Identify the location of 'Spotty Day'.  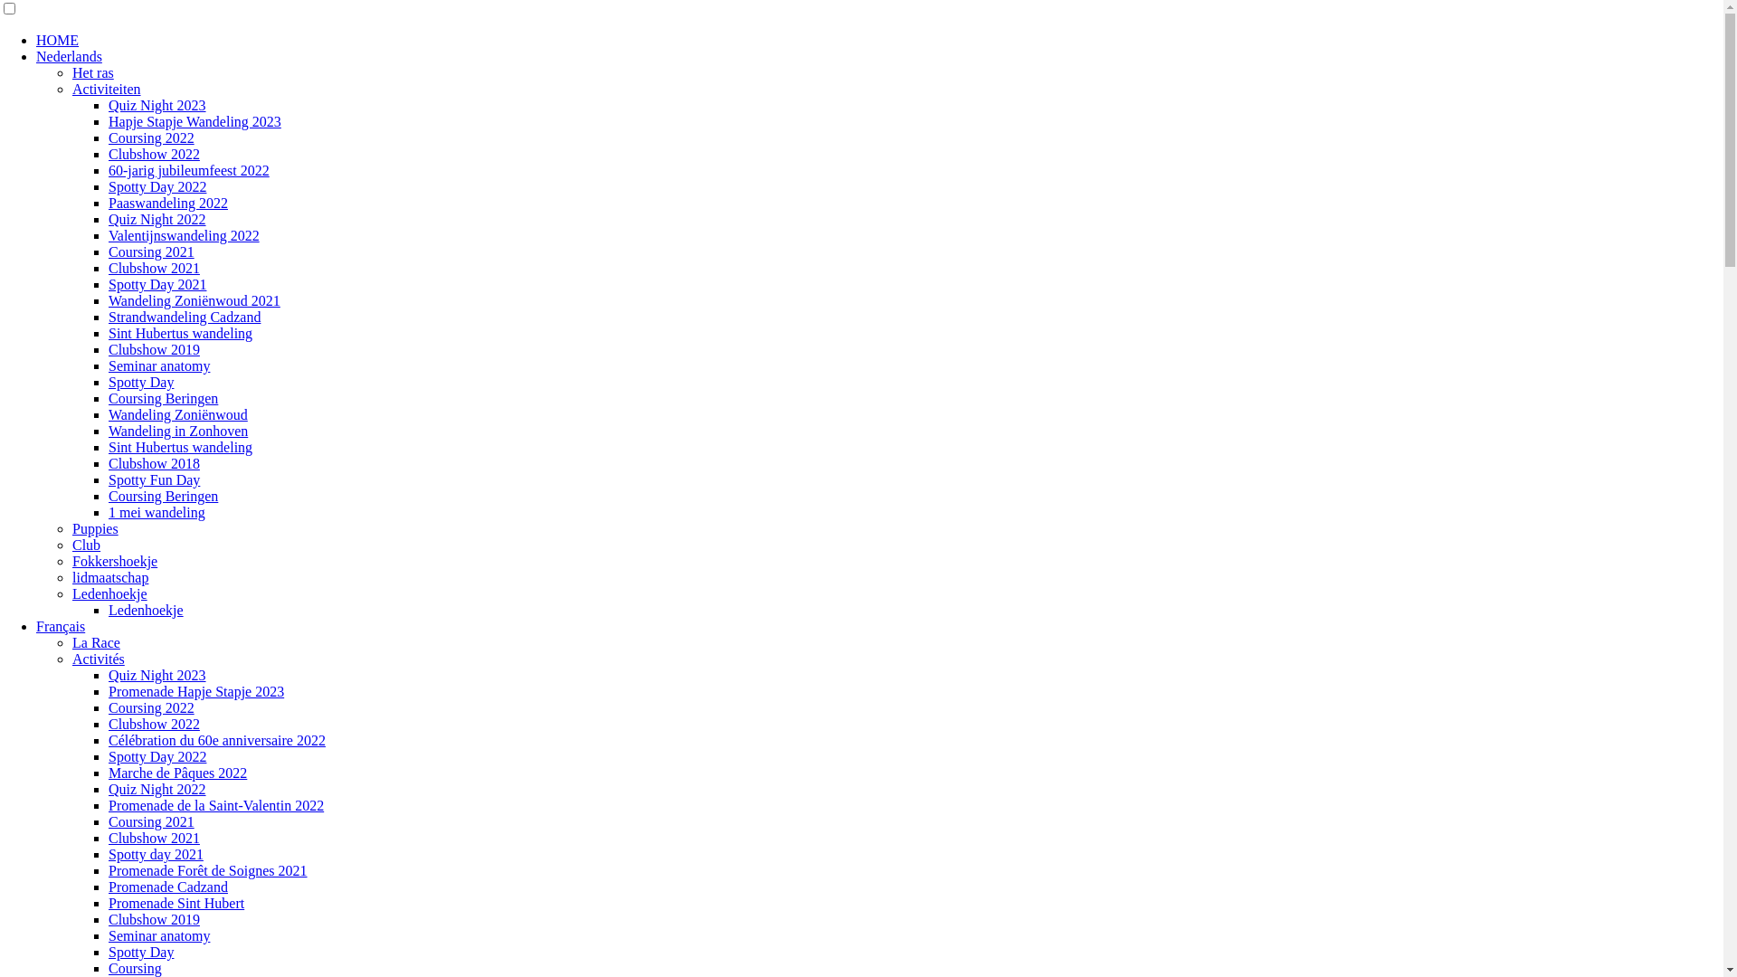
(140, 381).